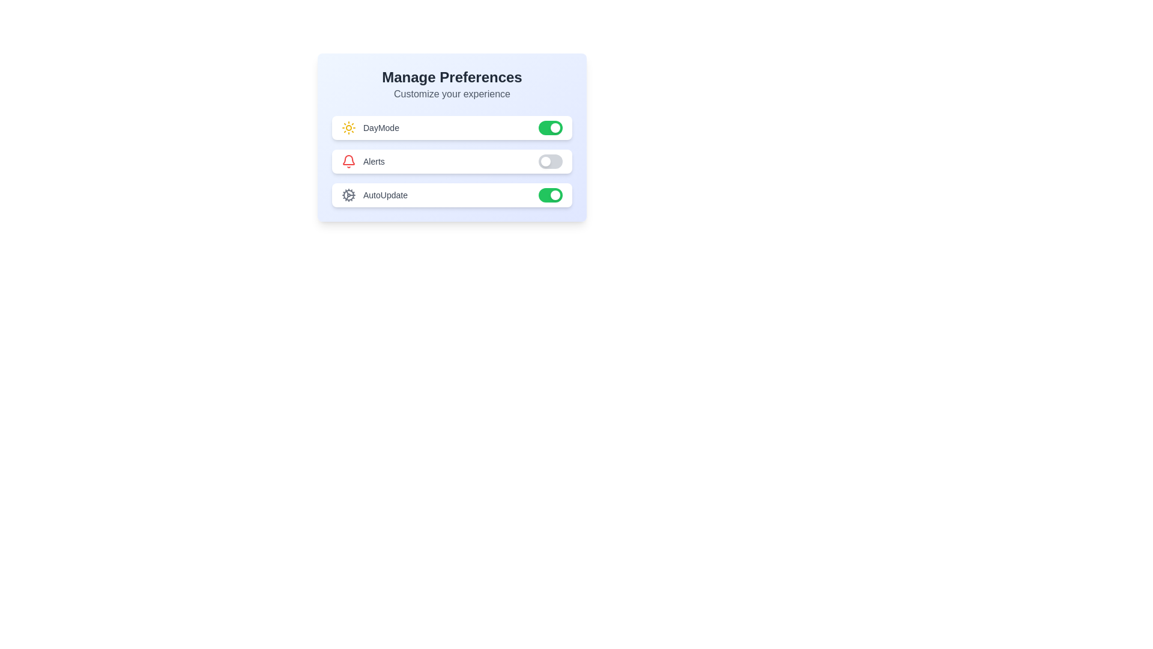 This screenshot has width=1153, height=649. Describe the element at coordinates (374, 194) in the screenshot. I see `the 'autoUpdate' labeled preference option which is the third item in a vertical list of preference options, located directly below the 'Alerts' option` at that location.